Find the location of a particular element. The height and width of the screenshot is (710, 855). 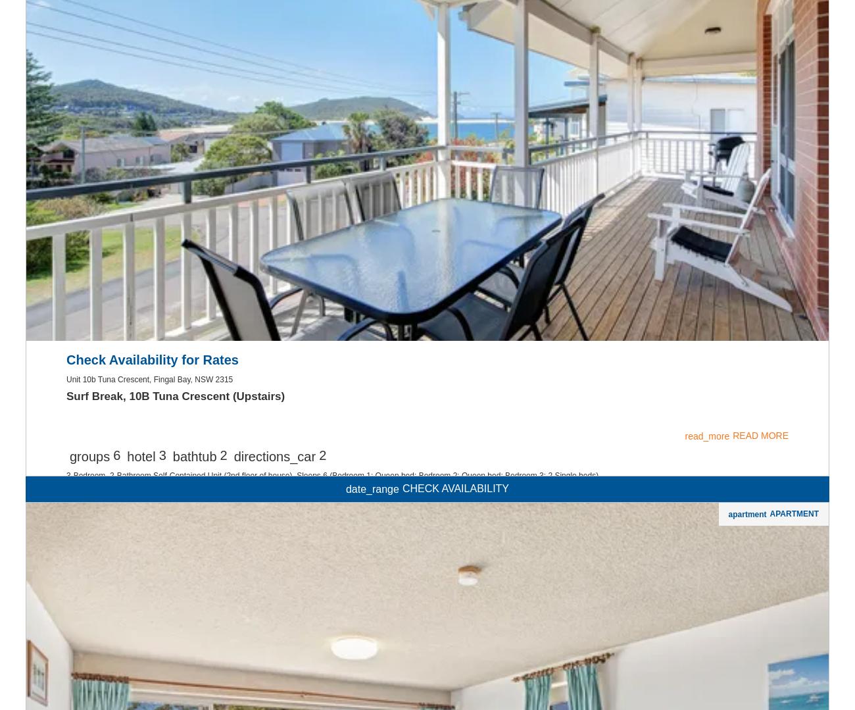

'Apartment Features' is located at coordinates (142, 17).